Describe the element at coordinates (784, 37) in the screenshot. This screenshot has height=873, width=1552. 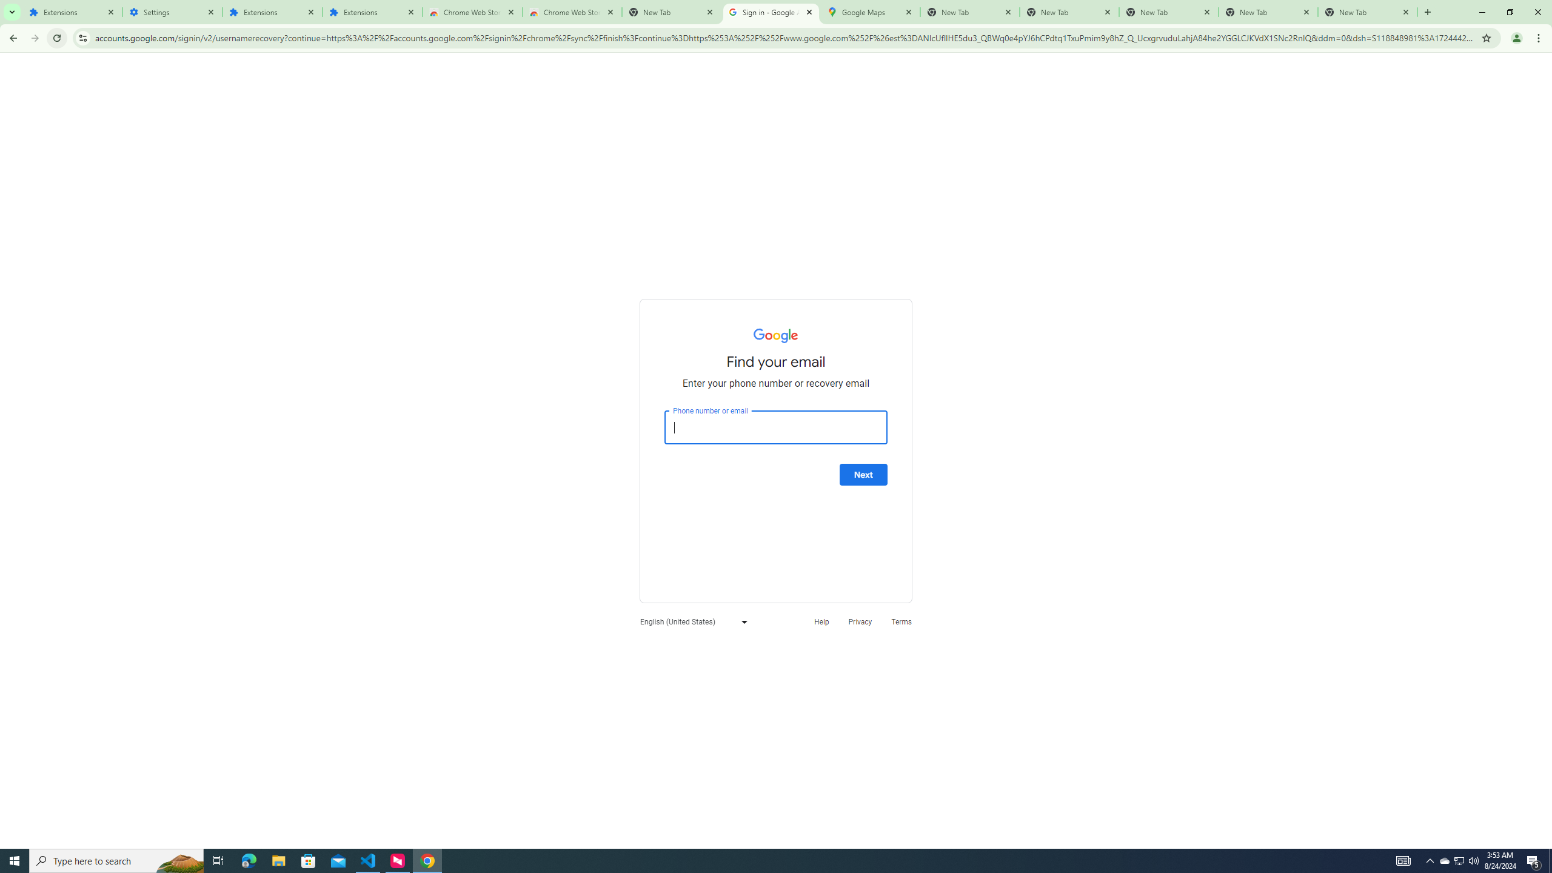
I see `'Address and search bar'` at that location.